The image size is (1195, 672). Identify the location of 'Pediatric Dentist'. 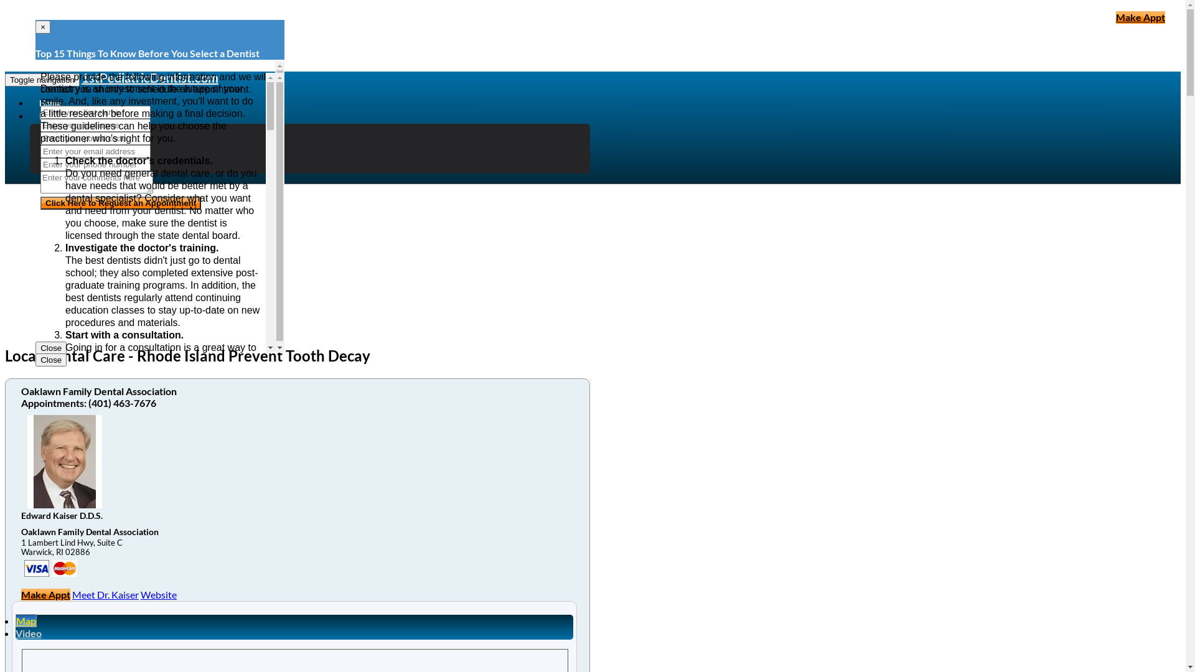
(90, 129).